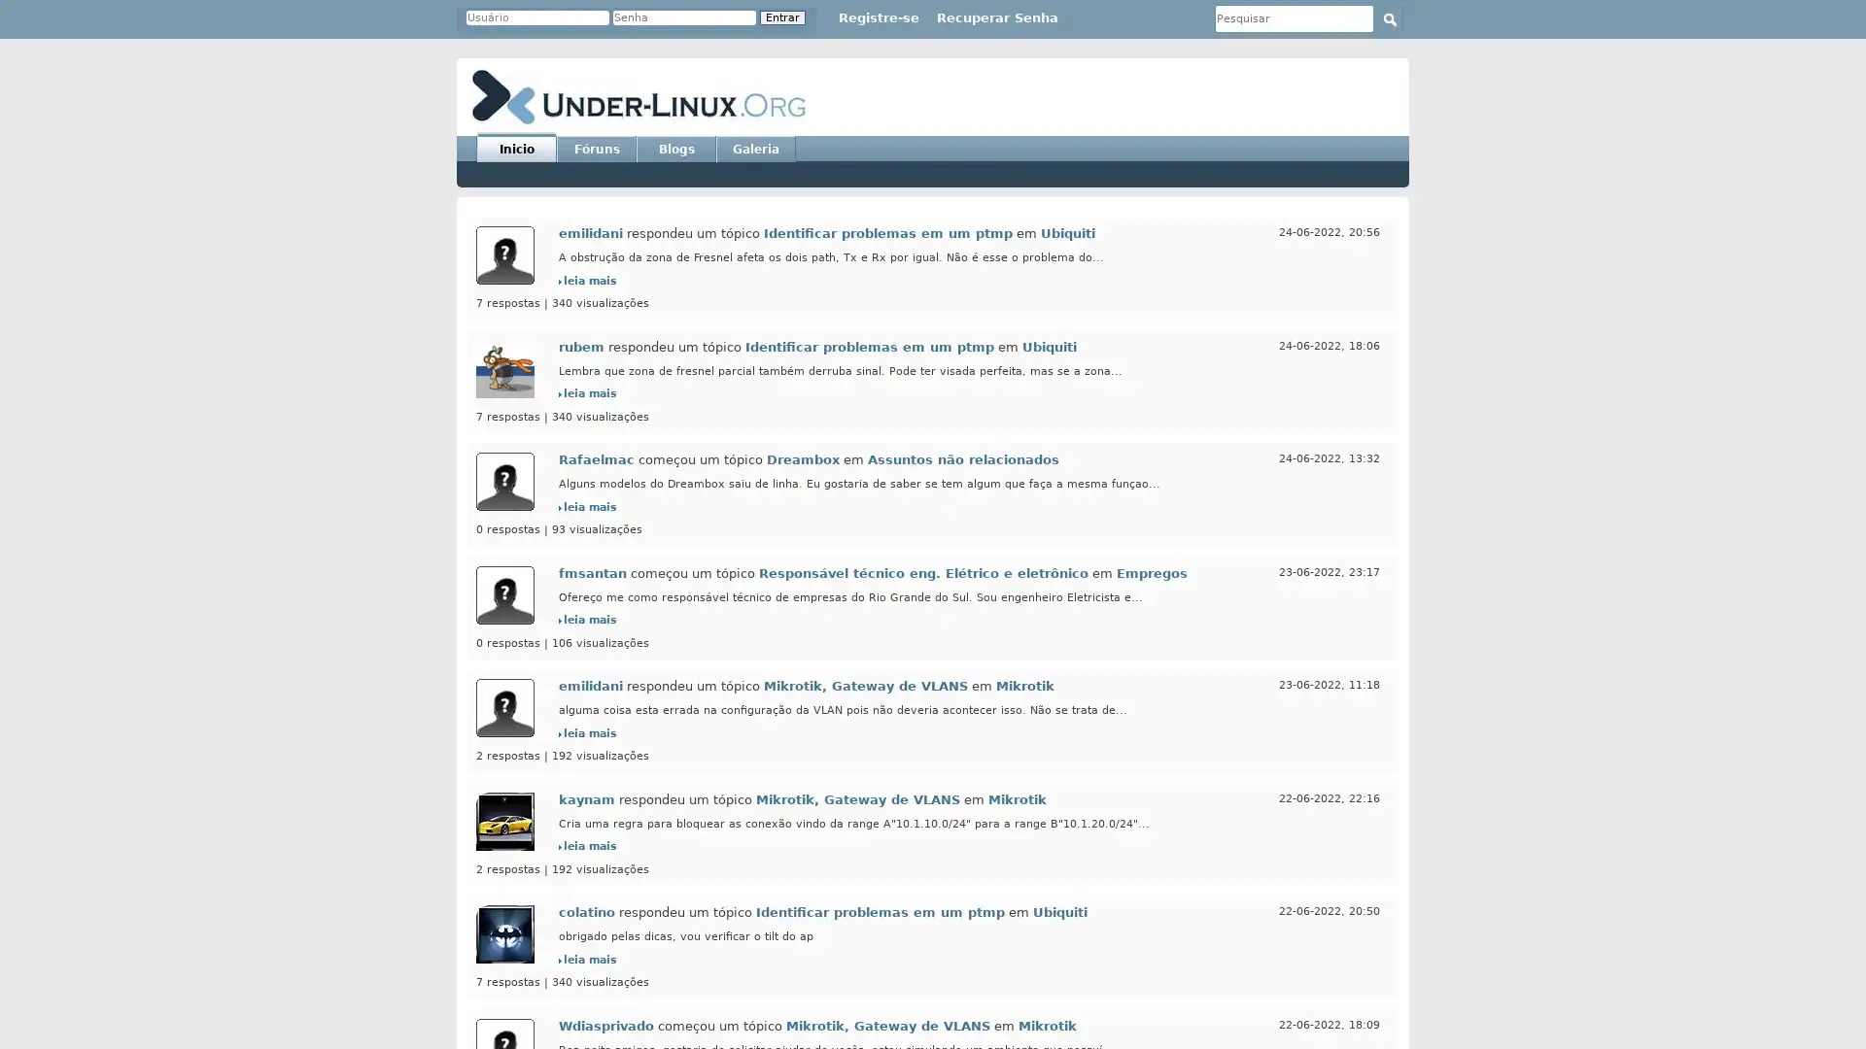 Image resolution: width=1866 pixels, height=1049 pixels. I want to click on Submit, so click(1389, 18).